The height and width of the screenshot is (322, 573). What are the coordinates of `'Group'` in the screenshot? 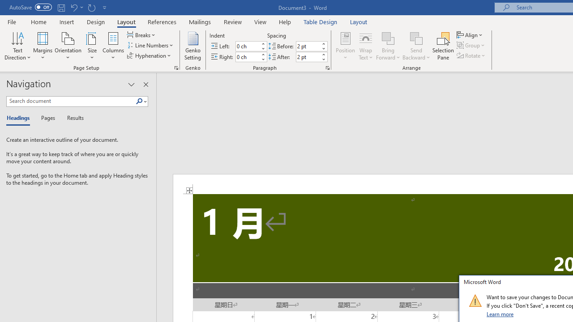 It's located at (471, 45).